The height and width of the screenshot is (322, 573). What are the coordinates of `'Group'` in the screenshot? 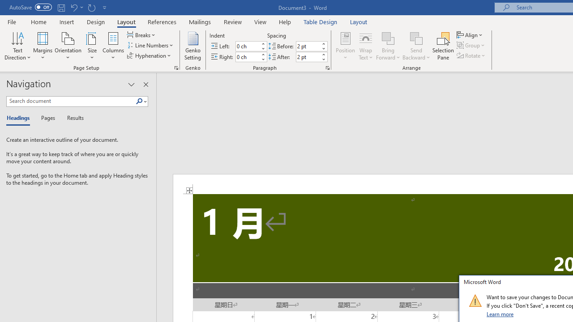 It's located at (471, 45).